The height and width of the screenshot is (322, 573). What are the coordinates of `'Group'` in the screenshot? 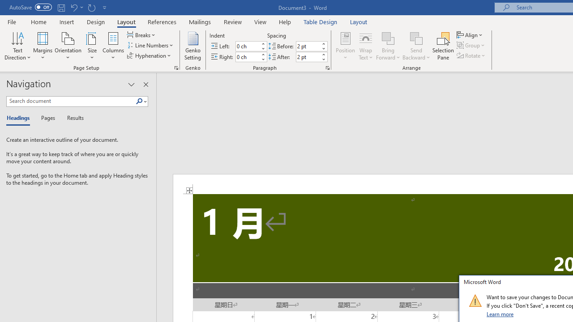 It's located at (471, 45).